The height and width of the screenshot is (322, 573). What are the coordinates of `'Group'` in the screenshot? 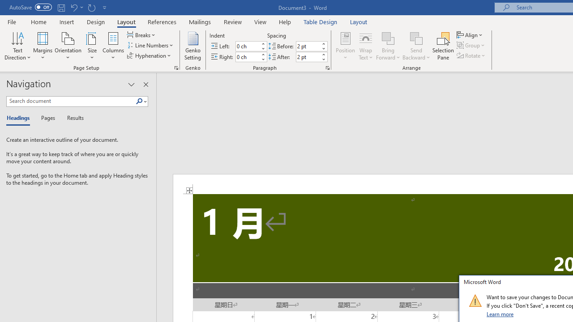 It's located at (471, 45).